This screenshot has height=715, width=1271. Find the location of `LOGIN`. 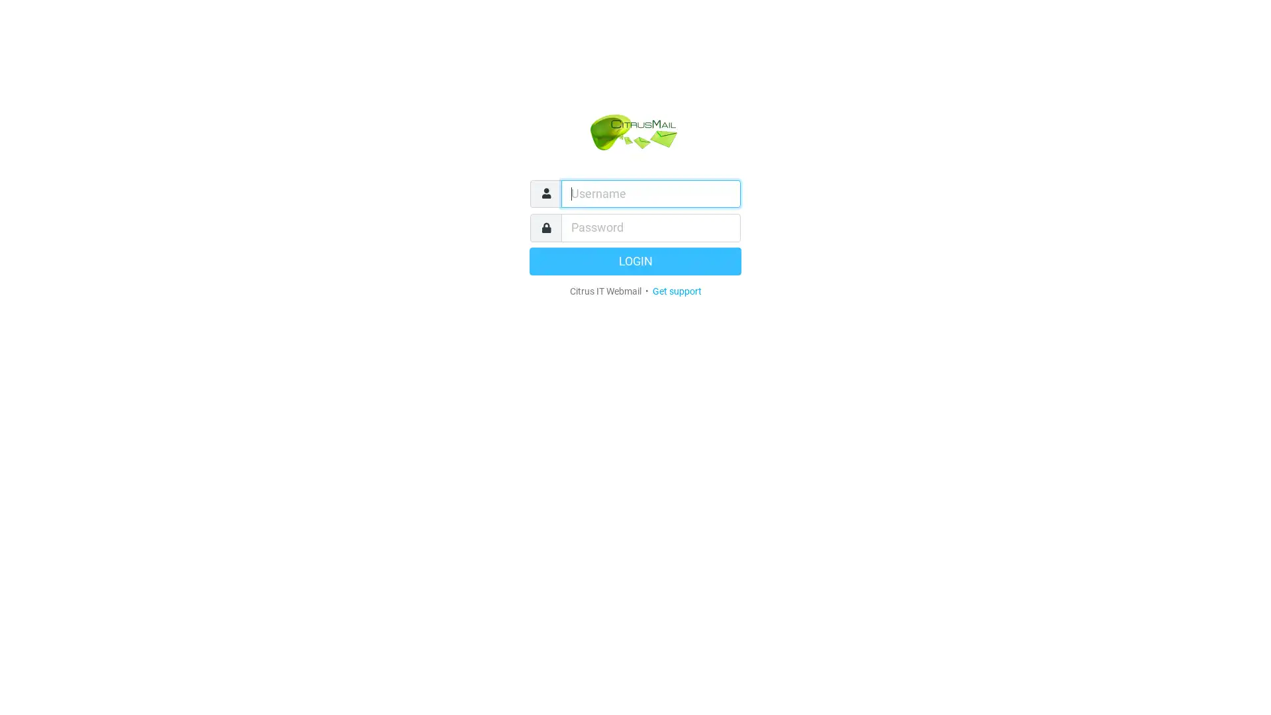

LOGIN is located at coordinates (635, 260).